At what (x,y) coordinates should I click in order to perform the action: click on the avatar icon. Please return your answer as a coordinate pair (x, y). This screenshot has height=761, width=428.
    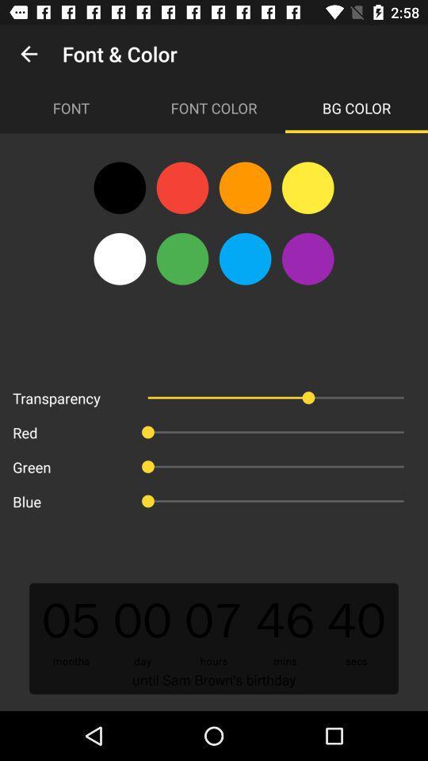
    Looking at the image, I should click on (308, 258).